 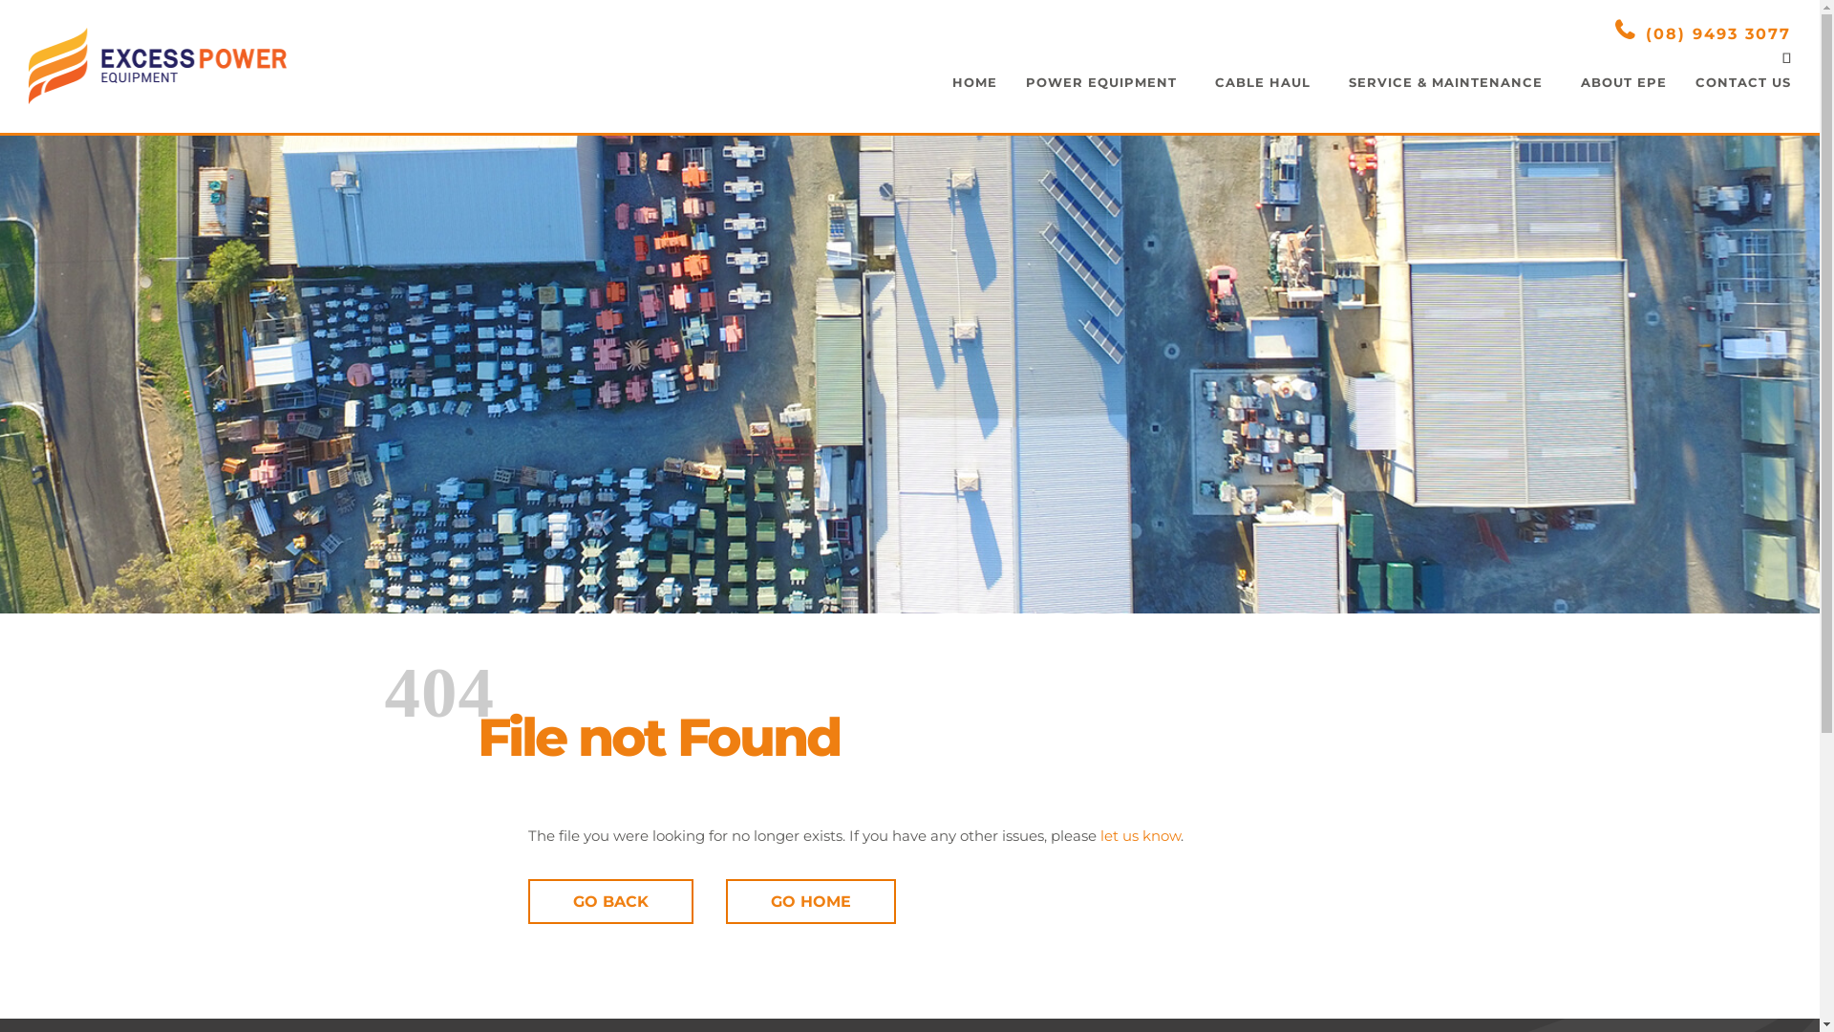 What do you see at coordinates (157, 65) in the screenshot?
I see `'Excess Power Equipment'` at bounding box center [157, 65].